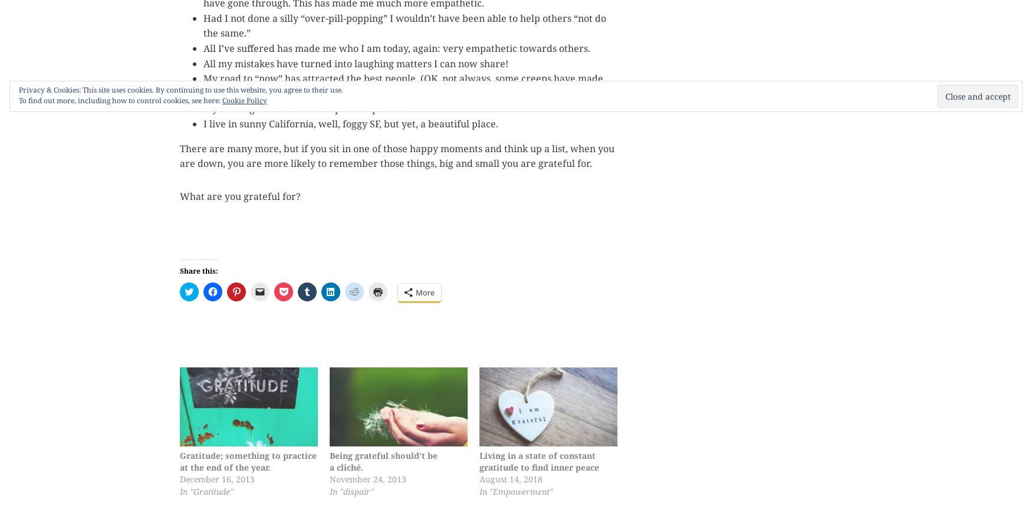 Image resolution: width=1032 pixels, height=529 pixels. I want to click on 'Privacy & Cookies: This site uses cookies. By continuing to use this website, you agree to their use.', so click(180, 89).